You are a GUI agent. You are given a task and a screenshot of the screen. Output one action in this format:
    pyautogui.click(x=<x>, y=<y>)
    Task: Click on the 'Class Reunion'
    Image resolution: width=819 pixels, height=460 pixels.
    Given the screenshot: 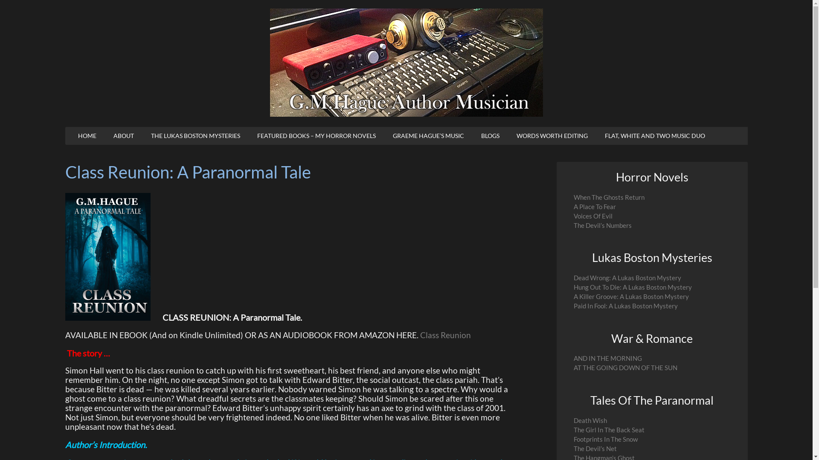 What is the action you would take?
    pyautogui.click(x=444, y=334)
    